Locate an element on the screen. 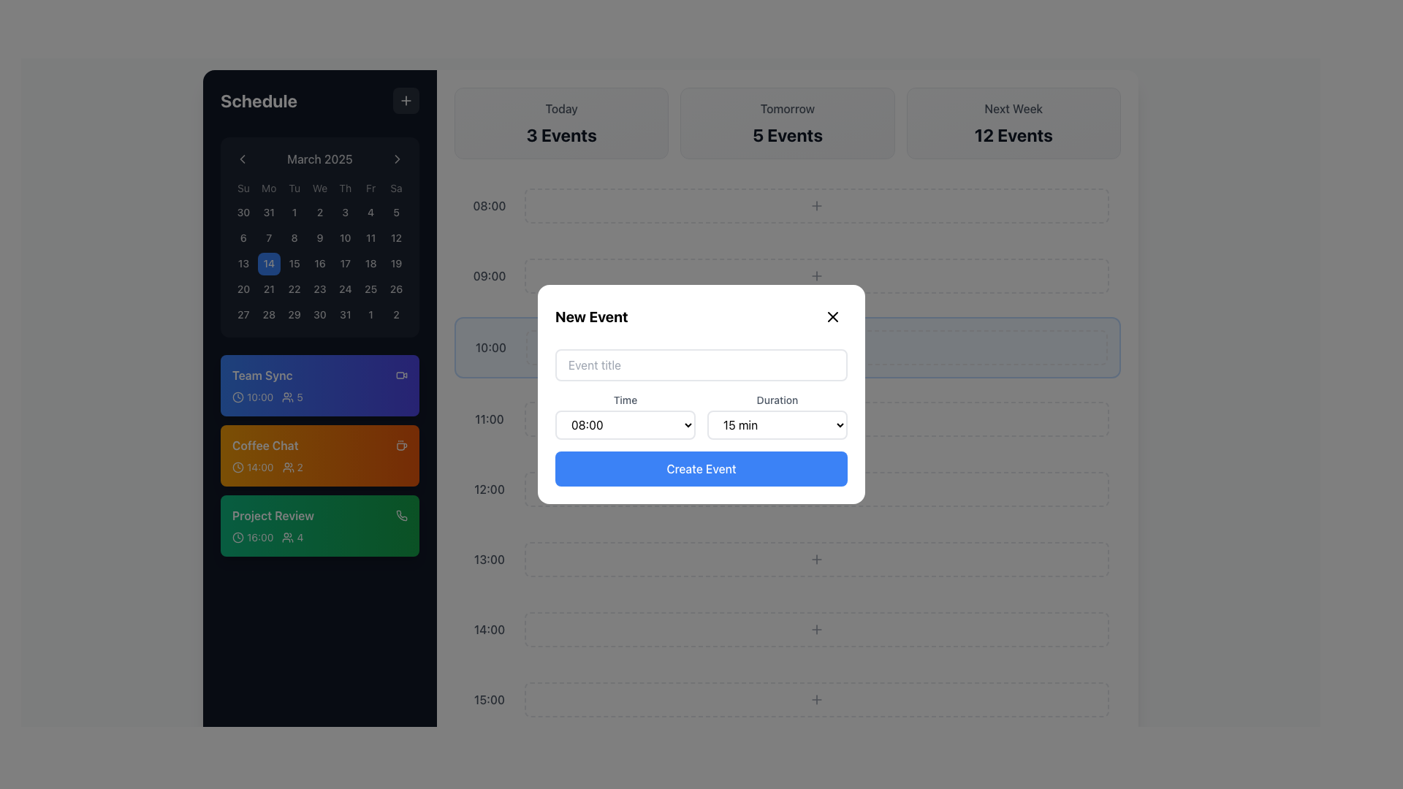  the Information display box labeled 'Tomorrow' that shows a summary of upcoming events with a count of '5 Events' is located at coordinates (787, 123).